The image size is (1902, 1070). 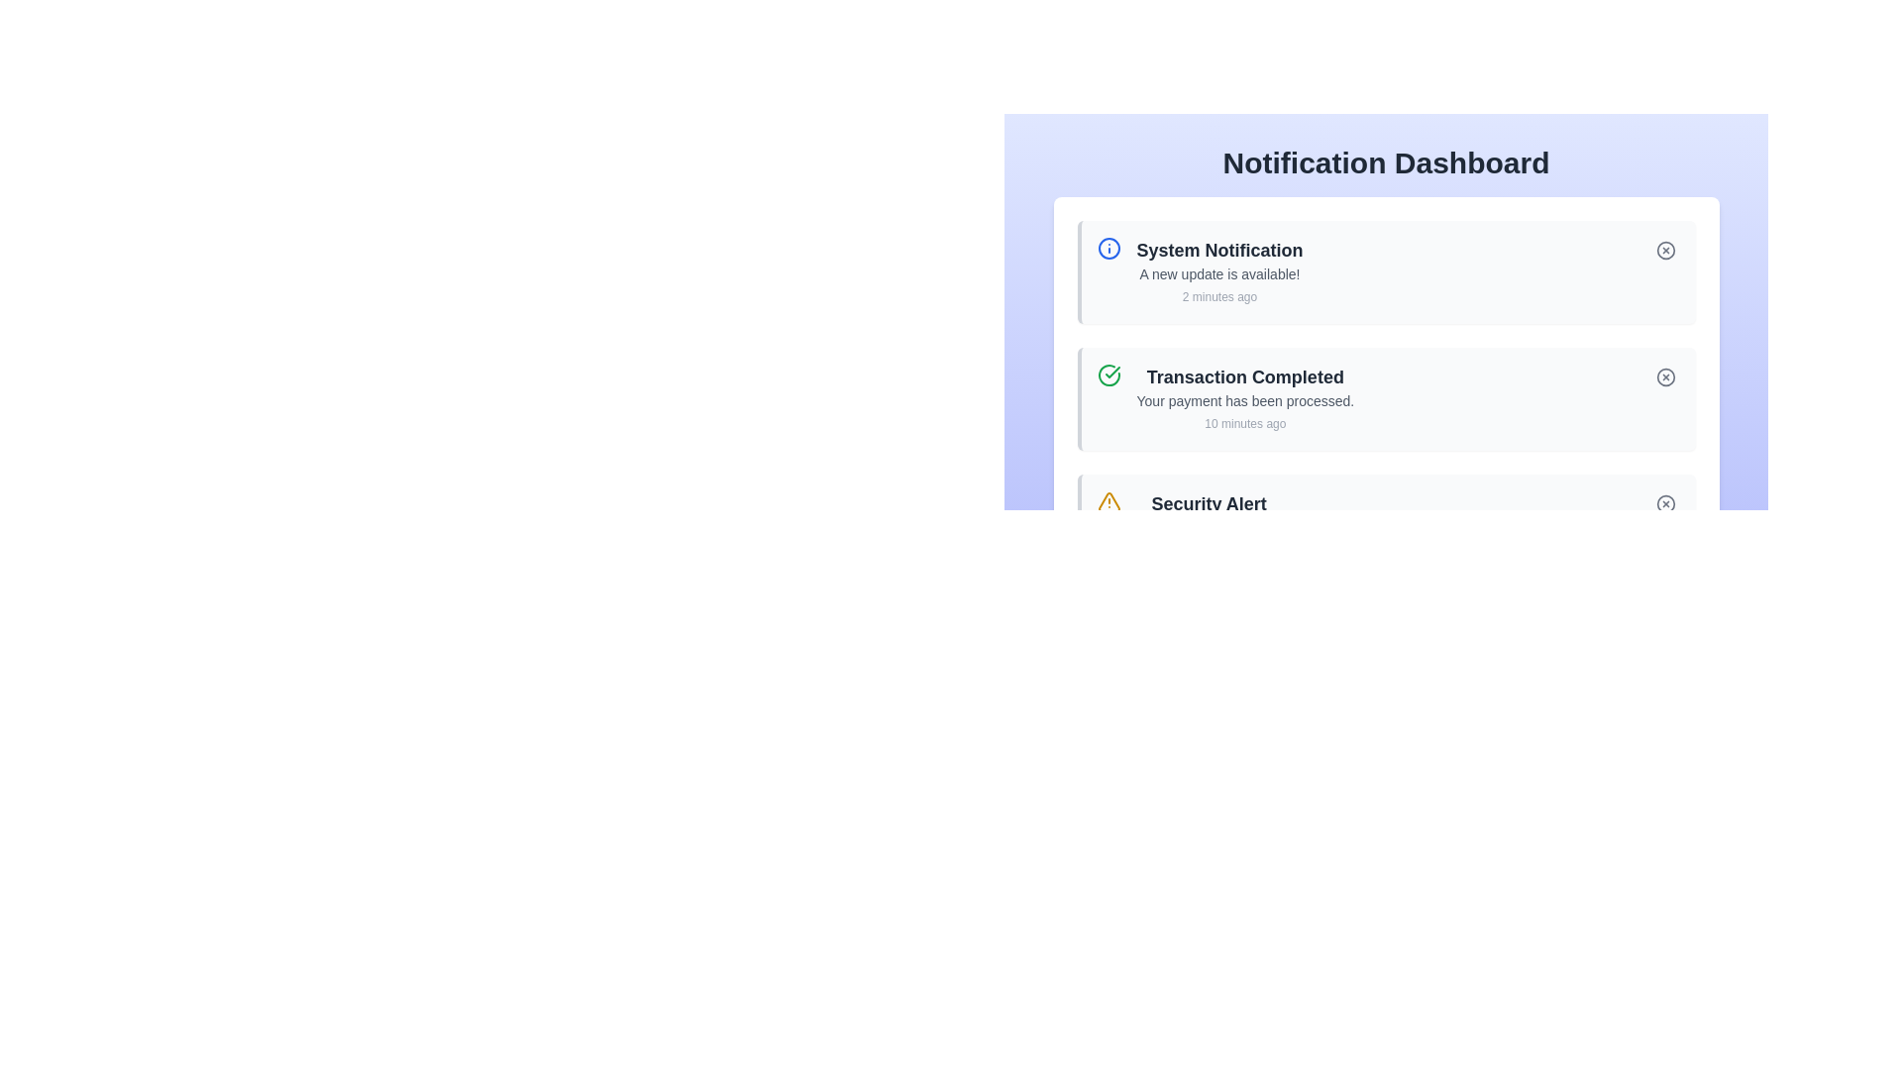 What do you see at coordinates (1108, 247) in the screenshot?
I see `the circular graphical component of the icon located within the 'System Notification' to obtain additional information` at bounding box center [1108, 247].